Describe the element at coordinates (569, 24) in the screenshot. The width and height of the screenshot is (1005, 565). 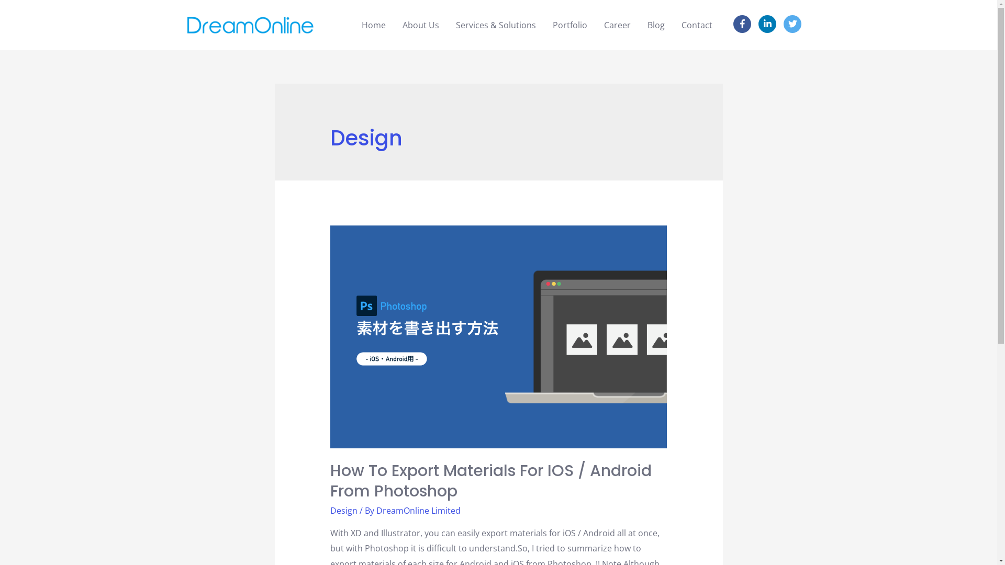
I see `'Portfolio'` at that location.